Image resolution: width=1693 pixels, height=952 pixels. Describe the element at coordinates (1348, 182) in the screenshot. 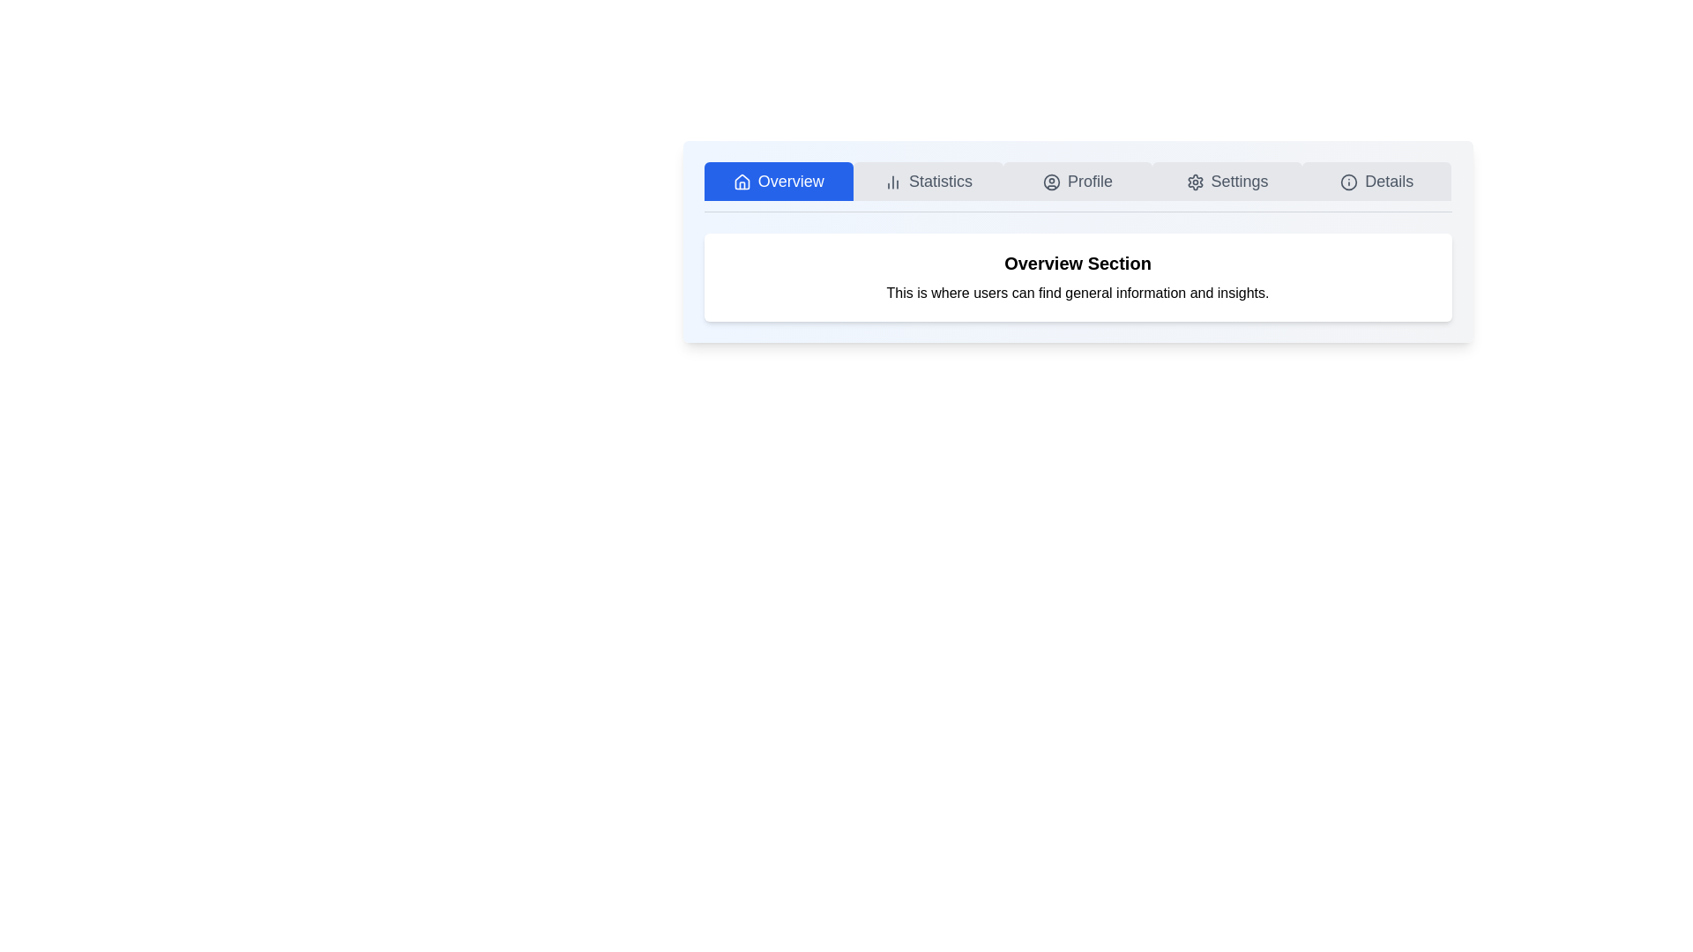

I see `the icon located to the left of the text label in the 'Details' button, which is positioned on the far right of the navigation tabs` at that location.